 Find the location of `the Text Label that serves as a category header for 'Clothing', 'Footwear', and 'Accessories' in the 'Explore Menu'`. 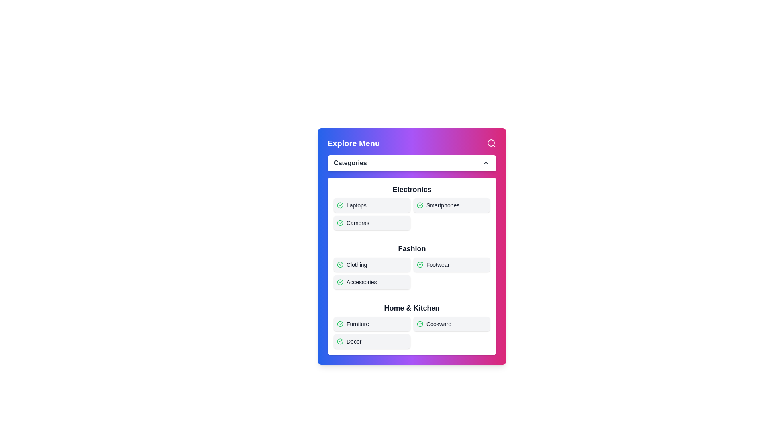

the Text Label that serves as a category header for 'Clothing', 'Footwear', and 'Accessories' in the 'Explore Menu' is located at coordinates (412, 248).